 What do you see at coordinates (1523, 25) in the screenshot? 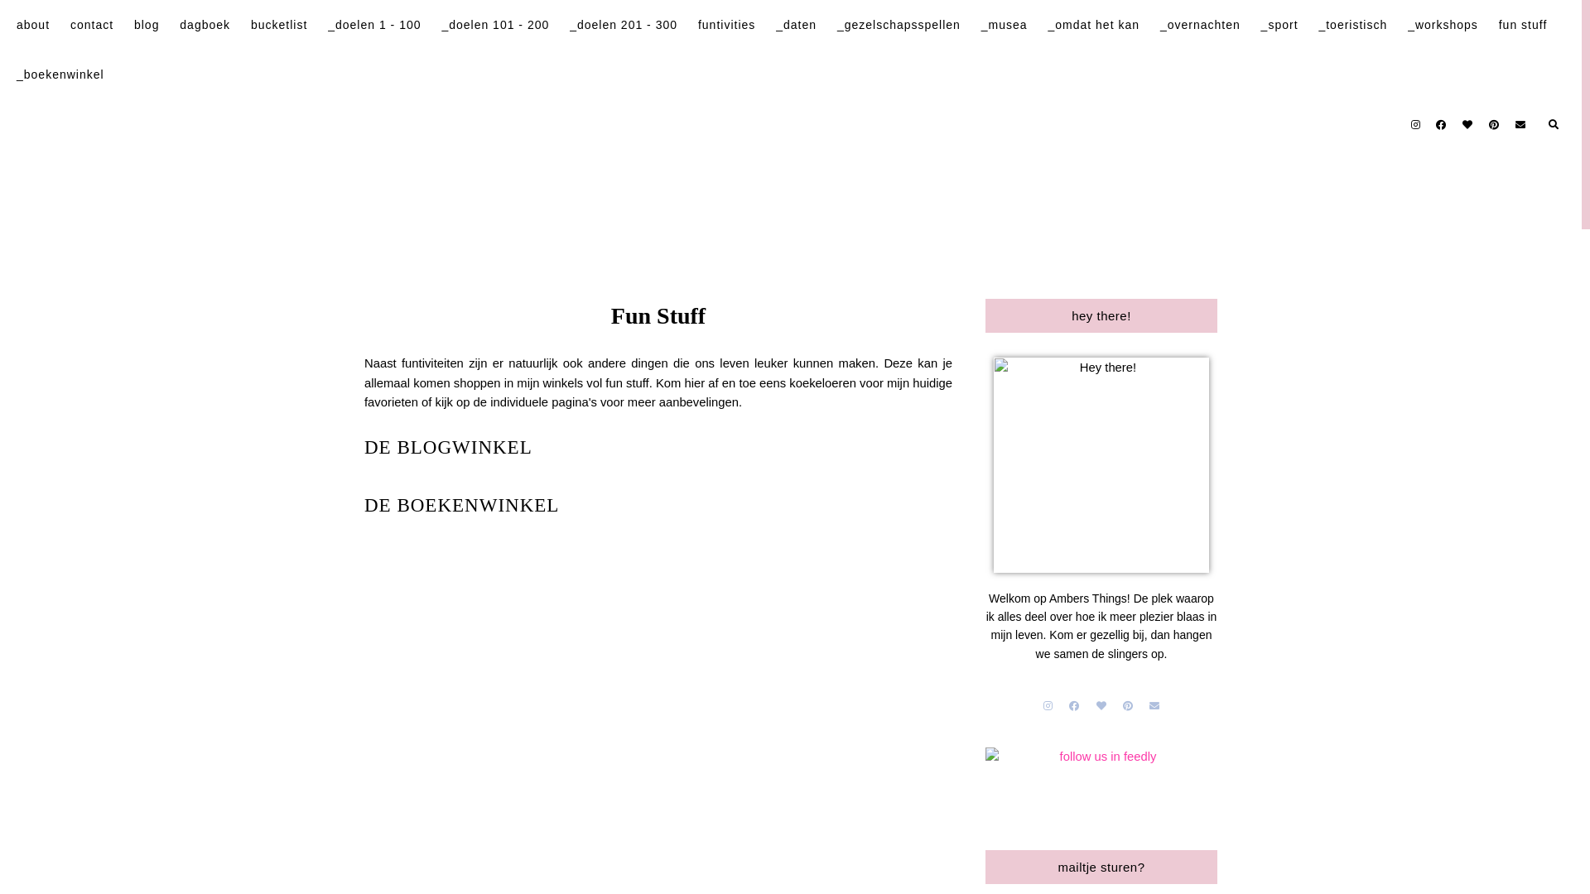
I see `'fun stuff'` at bounding box center [1523, 25].